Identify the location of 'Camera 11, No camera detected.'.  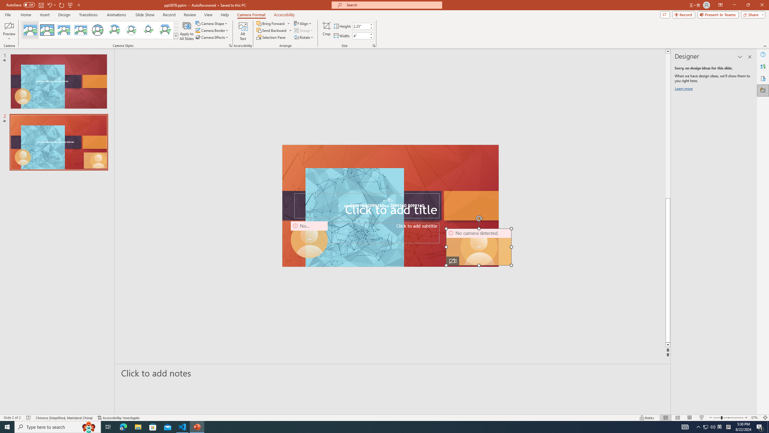
(479, 247).